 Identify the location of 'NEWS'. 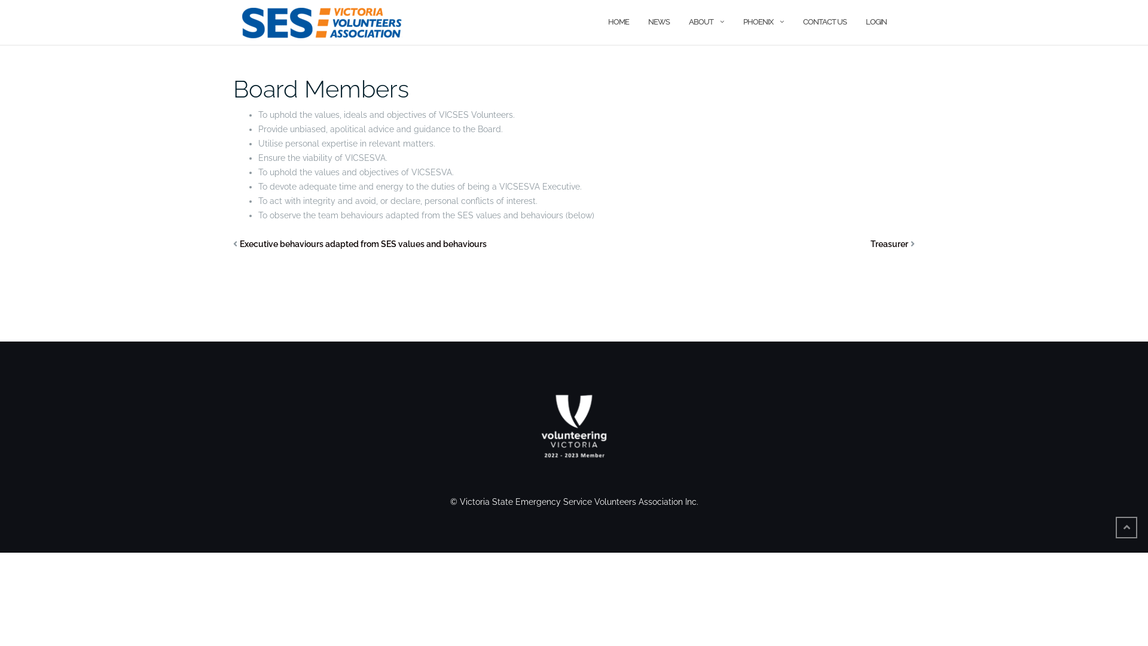
(658, 22).